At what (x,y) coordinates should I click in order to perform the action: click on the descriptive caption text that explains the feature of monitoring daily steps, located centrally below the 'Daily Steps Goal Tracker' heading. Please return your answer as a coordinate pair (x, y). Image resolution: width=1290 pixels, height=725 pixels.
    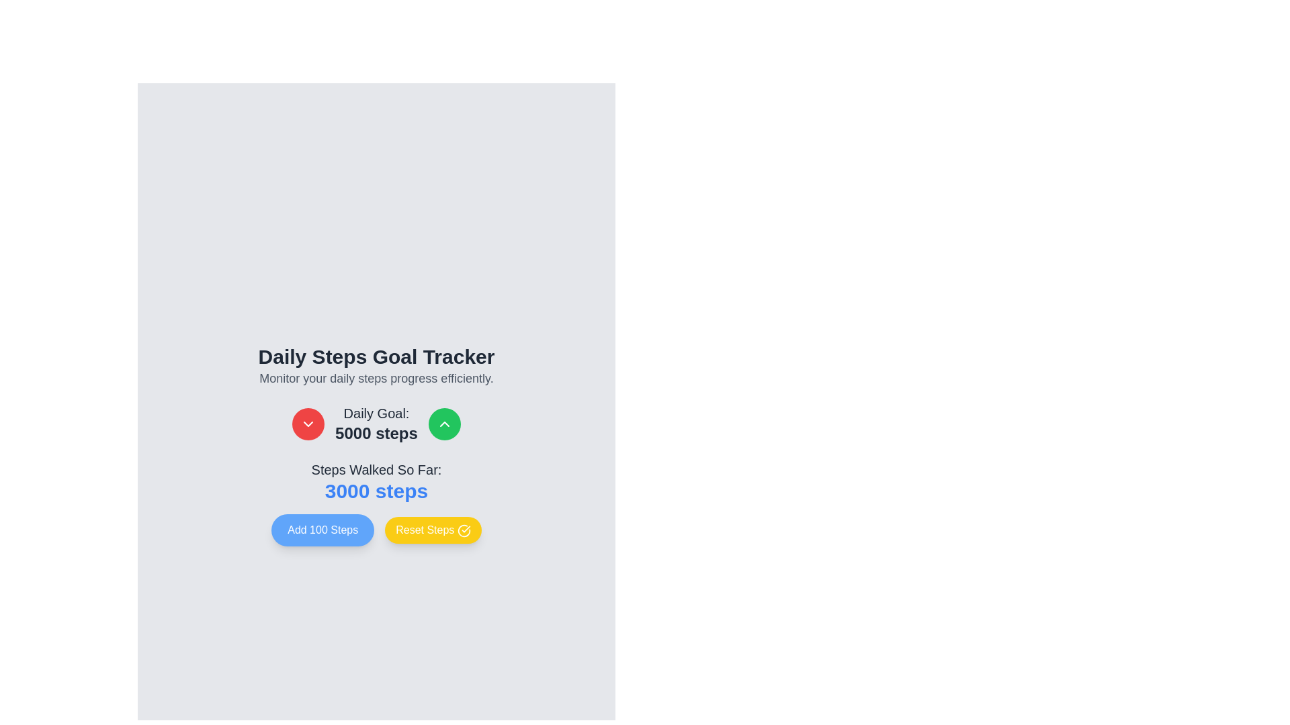
    Looking at the image, I should click on (376, 378).